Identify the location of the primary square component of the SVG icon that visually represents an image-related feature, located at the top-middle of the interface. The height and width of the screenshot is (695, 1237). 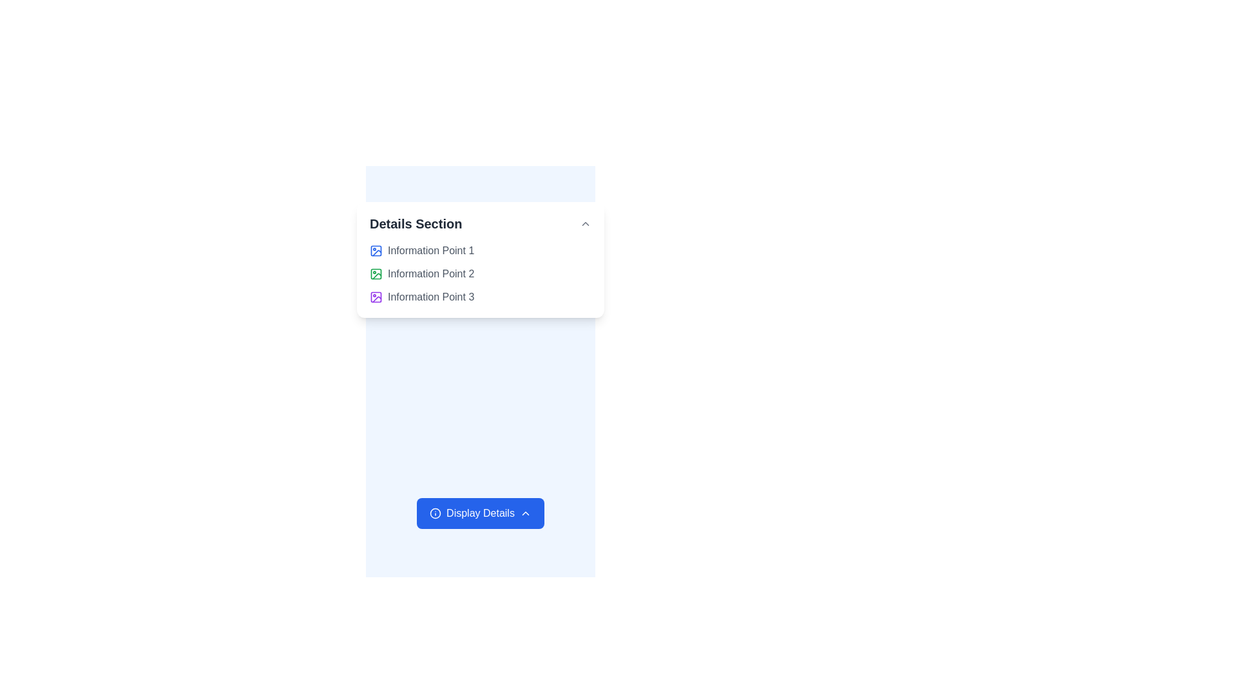
(376, 250).